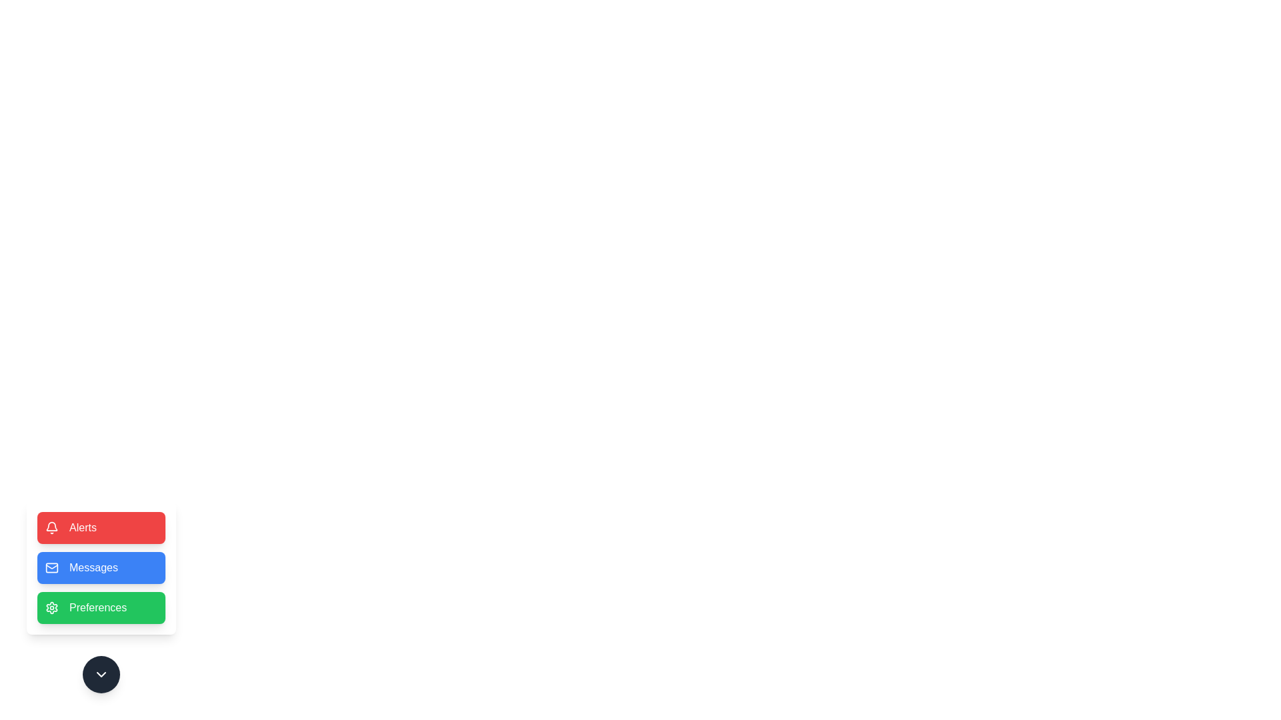 The height and width of the screenshot is (720, 1281). Describe the element at coordinates (101, 674) in the screenshot. I see `the toggle button to toggle the visibility of the notification dial` at that location.